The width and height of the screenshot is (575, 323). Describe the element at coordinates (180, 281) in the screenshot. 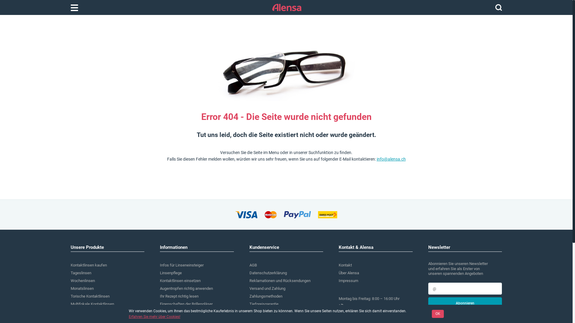

I see `'Kontaktlinsen einsetzen'` at that location.